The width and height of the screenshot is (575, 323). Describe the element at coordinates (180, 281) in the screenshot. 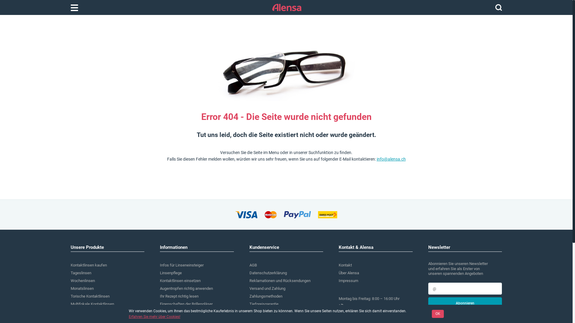

I see `'Kontaktlinsen einsetzen'` at that location.